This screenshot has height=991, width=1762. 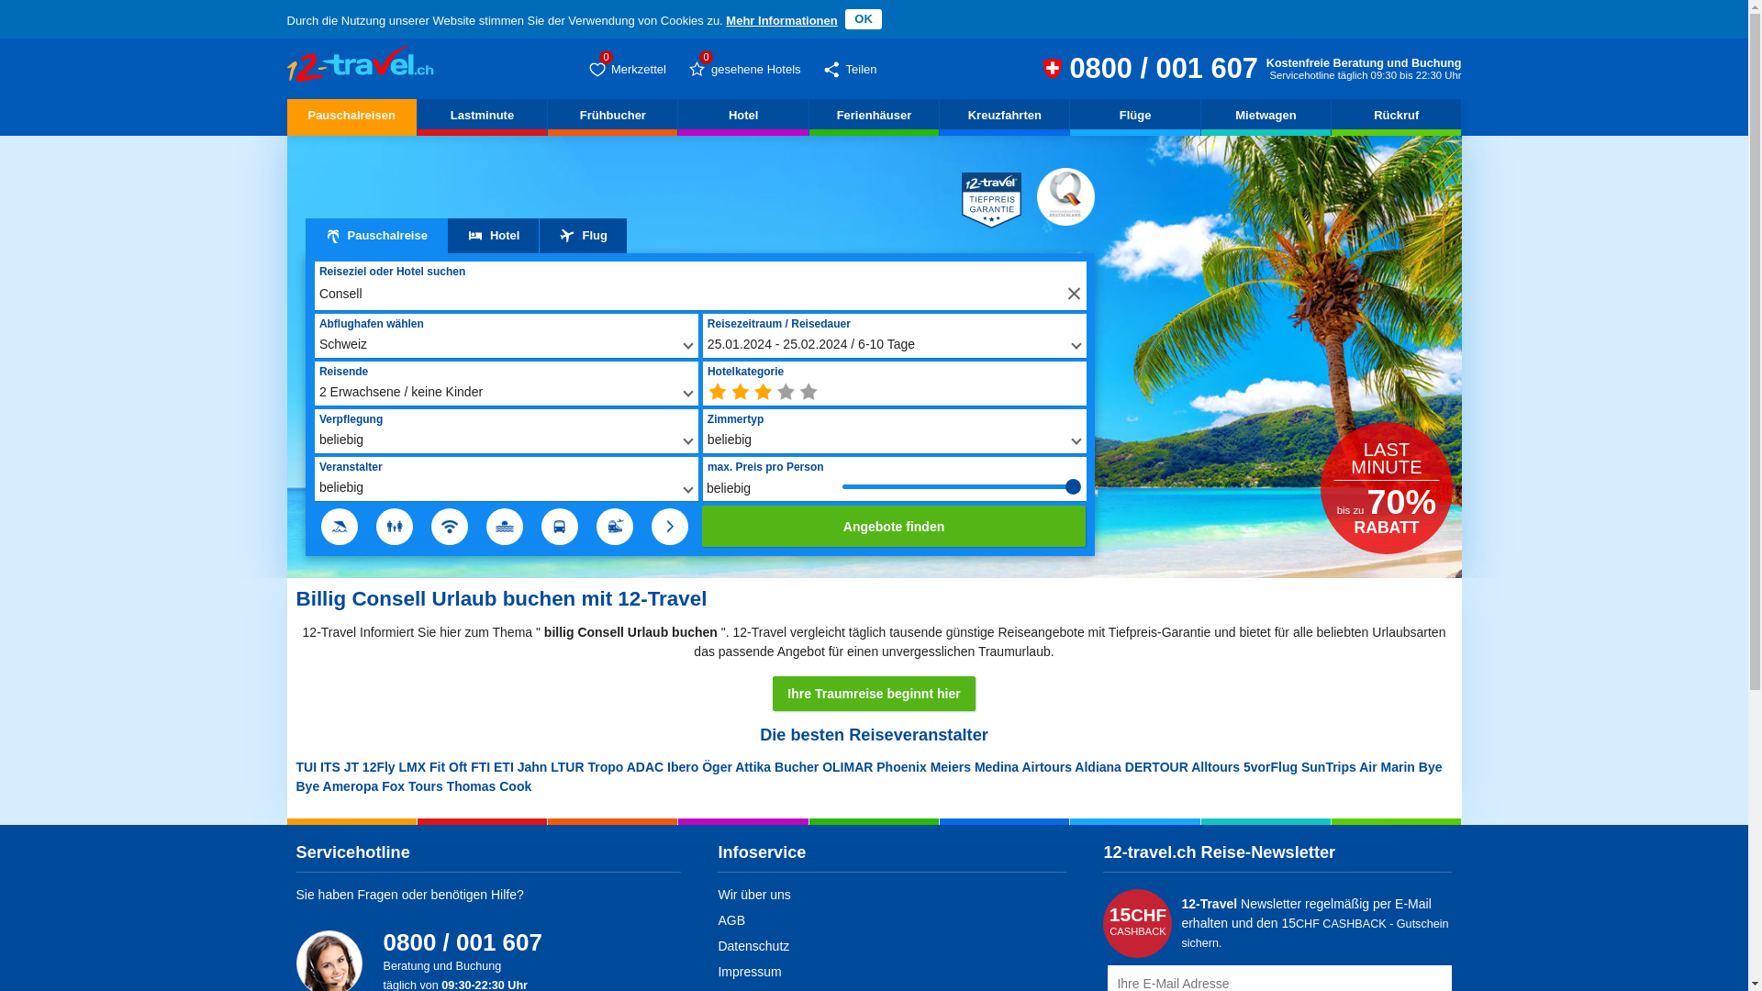 What do you see at coordinates (626, 767) in the screenshot?
I see `'ADAC'` at bounding box center [626, 767].